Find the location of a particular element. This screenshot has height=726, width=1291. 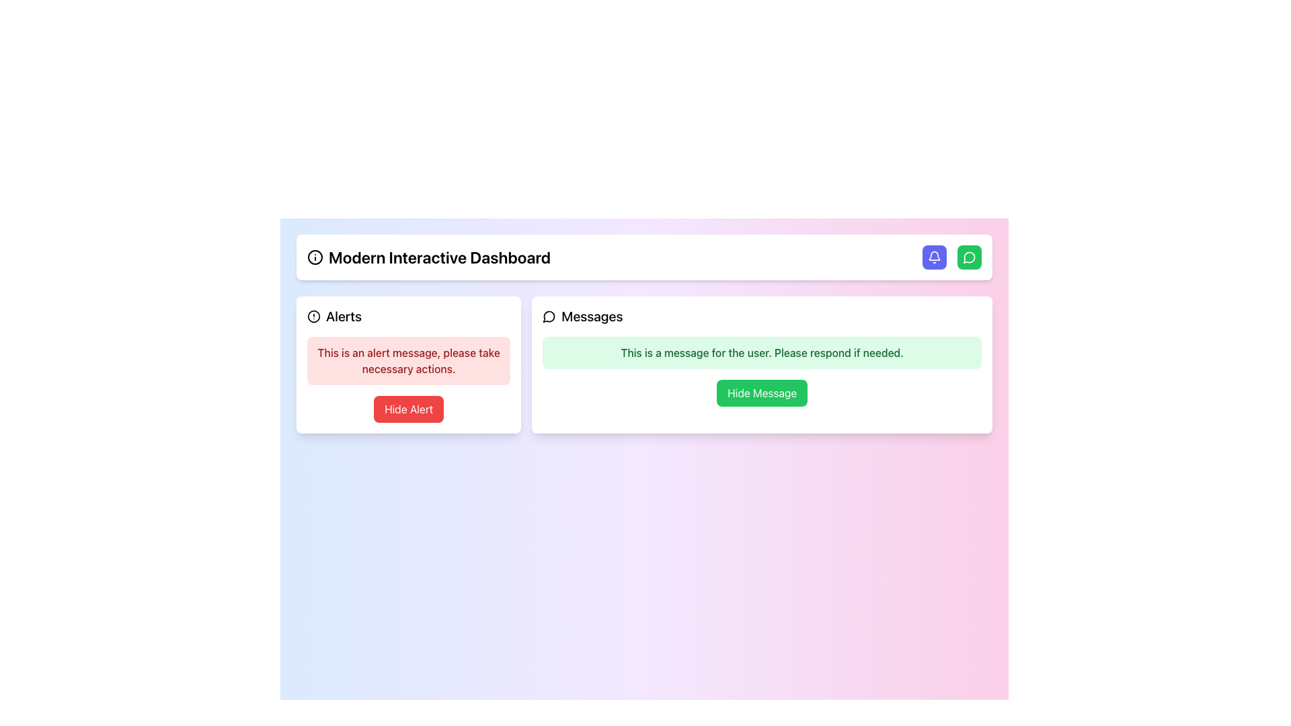

the 'Messages' icon located at the top of the 'Messages' panel header, which visually represents messages or communication is located at coordinates (549, 316).